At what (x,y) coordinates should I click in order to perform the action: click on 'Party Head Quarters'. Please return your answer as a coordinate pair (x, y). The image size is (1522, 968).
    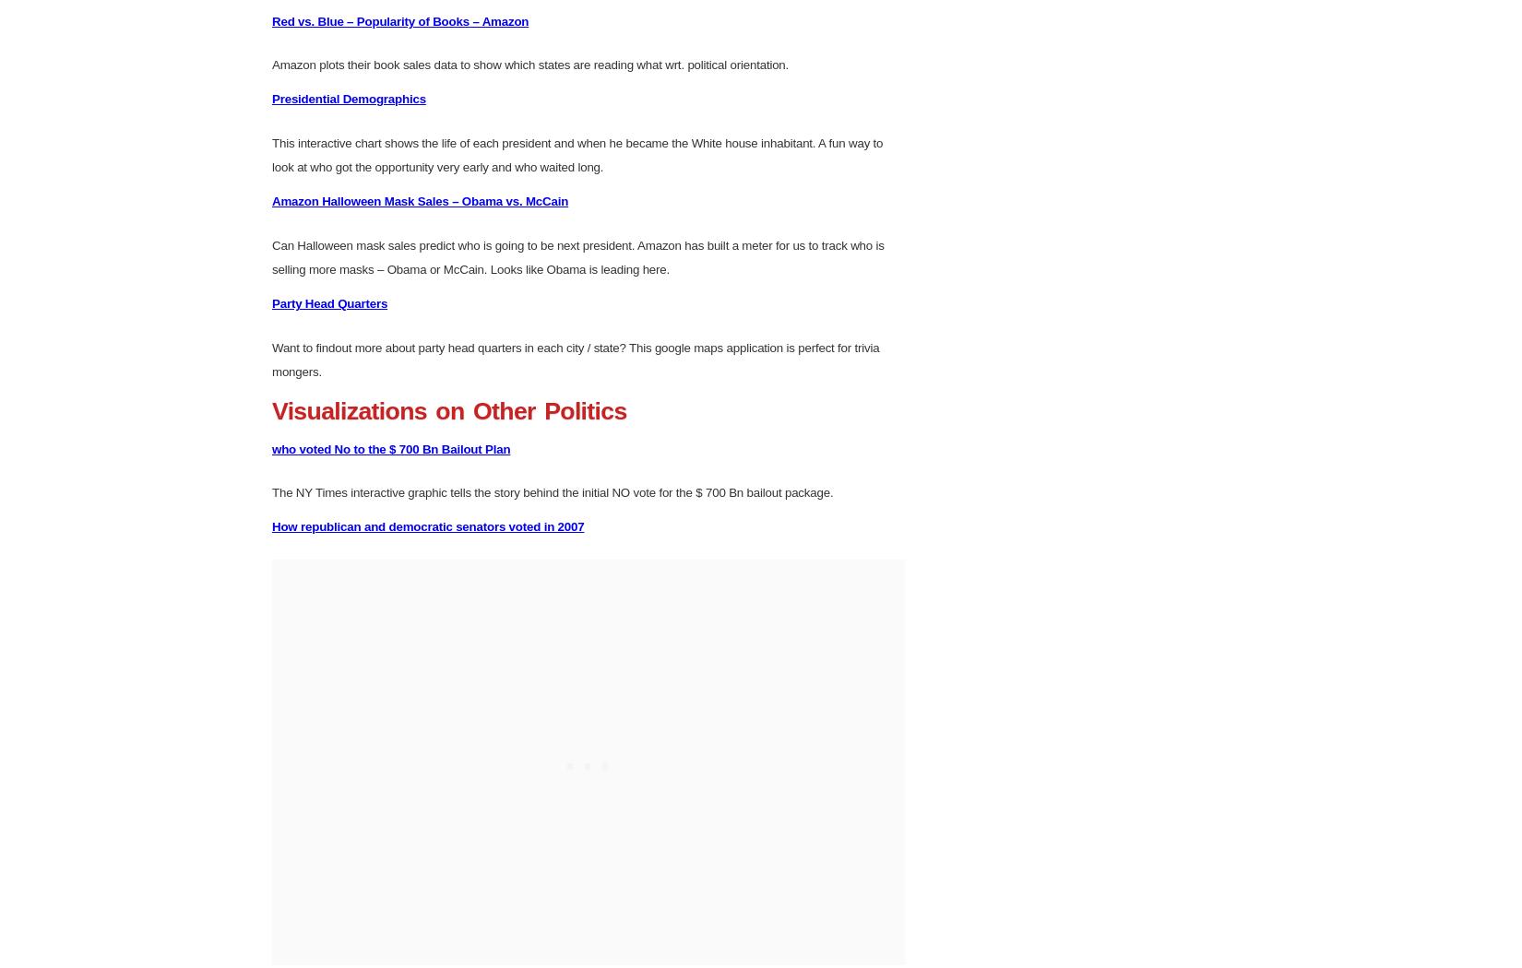
    Looking at the image, I should click on (329, 935).